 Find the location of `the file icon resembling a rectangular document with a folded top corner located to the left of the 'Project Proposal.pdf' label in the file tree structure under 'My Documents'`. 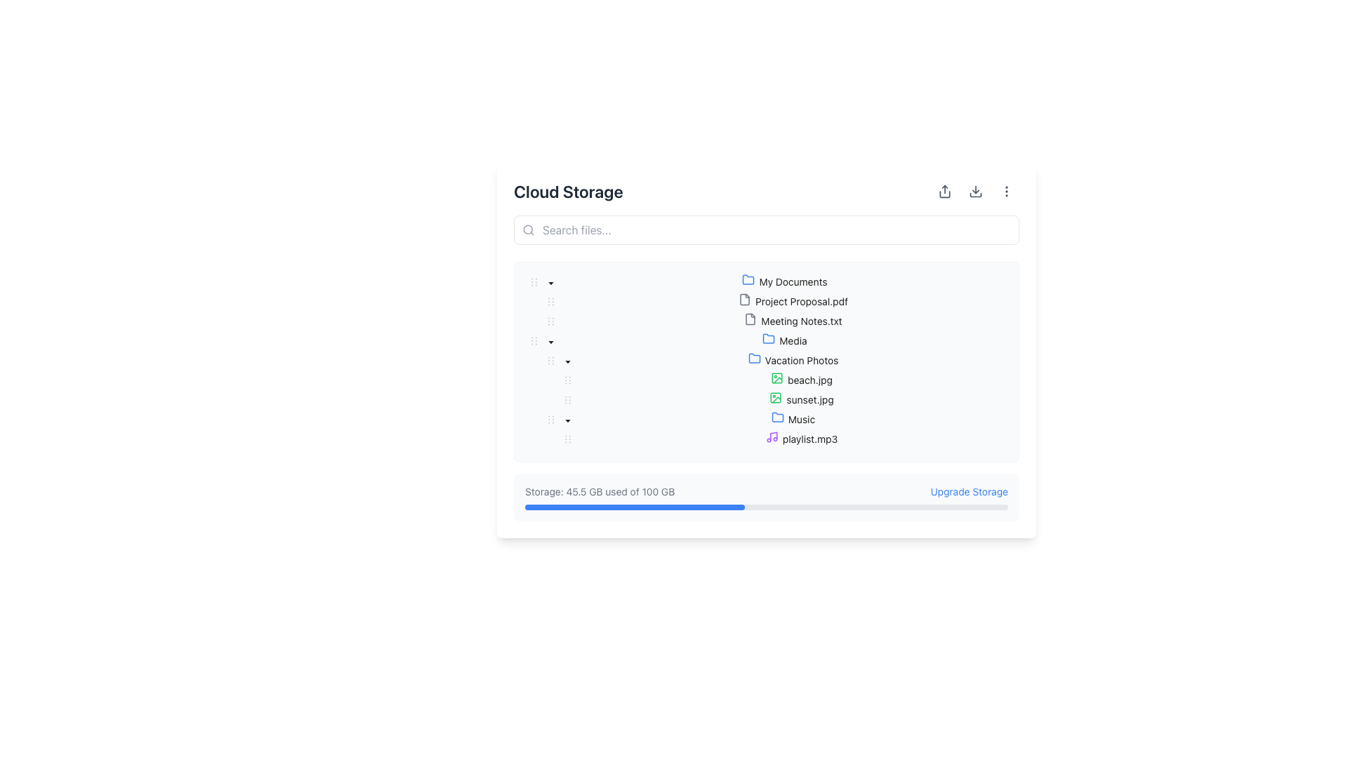

the file icon resembling a rectangular document with a folded top corner located to the left of the 'Project Proposal.pdf' label in the file tree structure under 'My Documents' is located at coordinates (746, 300).